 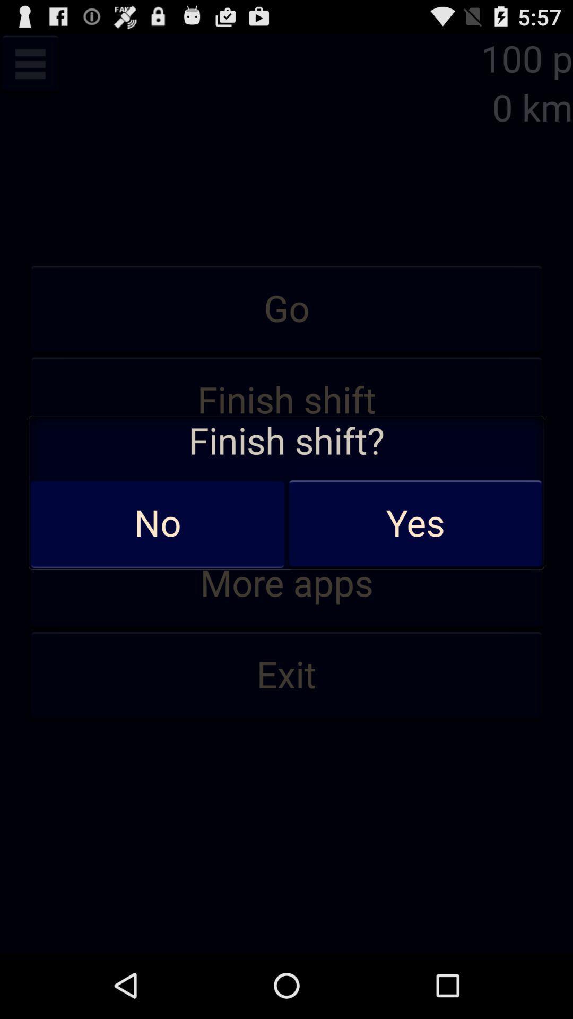 I want to click on icon at the top left corner, so click(x=30, y=63).